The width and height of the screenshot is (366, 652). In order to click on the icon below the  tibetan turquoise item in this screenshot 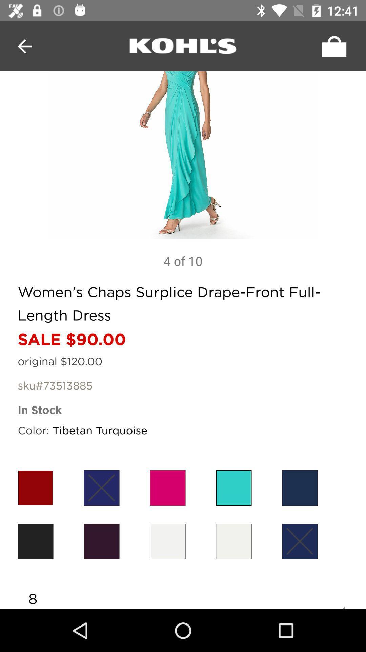, I will do `click(102, 487)`.